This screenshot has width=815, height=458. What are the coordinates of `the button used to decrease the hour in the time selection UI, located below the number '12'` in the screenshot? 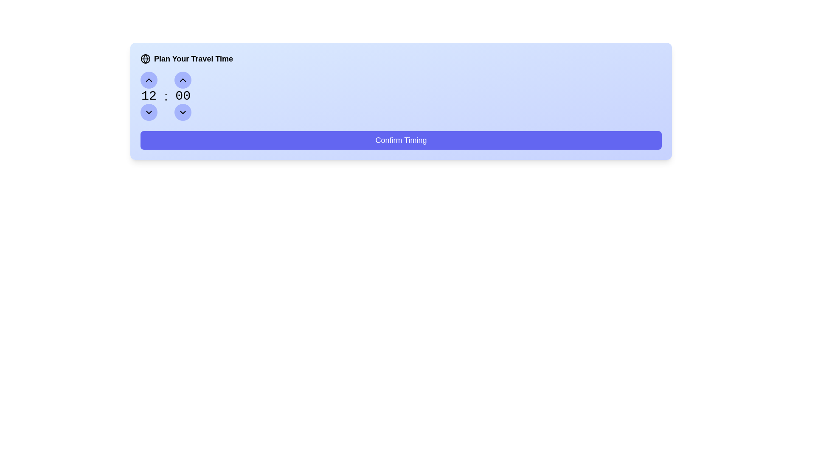 It's located at (149, 112).